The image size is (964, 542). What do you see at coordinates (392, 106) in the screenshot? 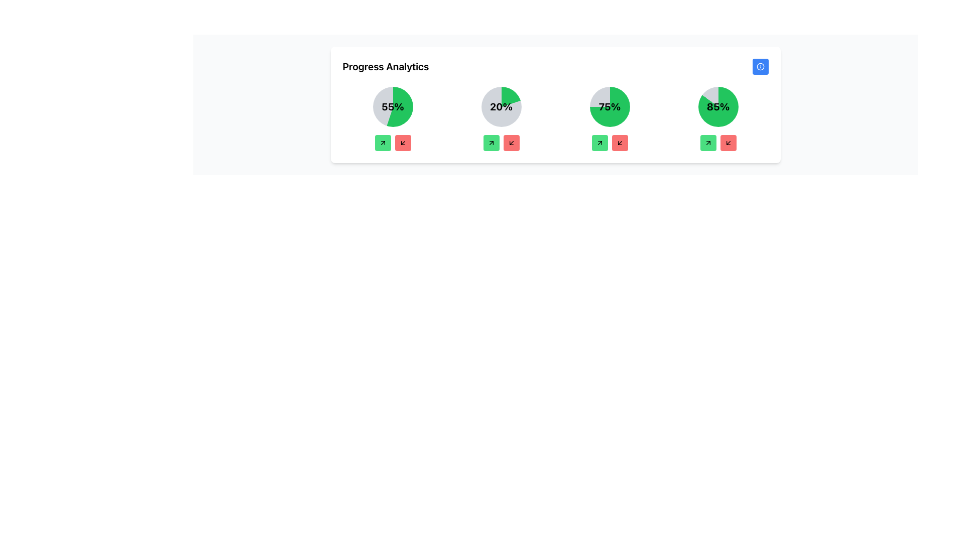
I see `the progress percentage text label in the first circular progress indicator located in the 'Progress Analytics' section near the top of the interface` at bounding box center [392, 106].